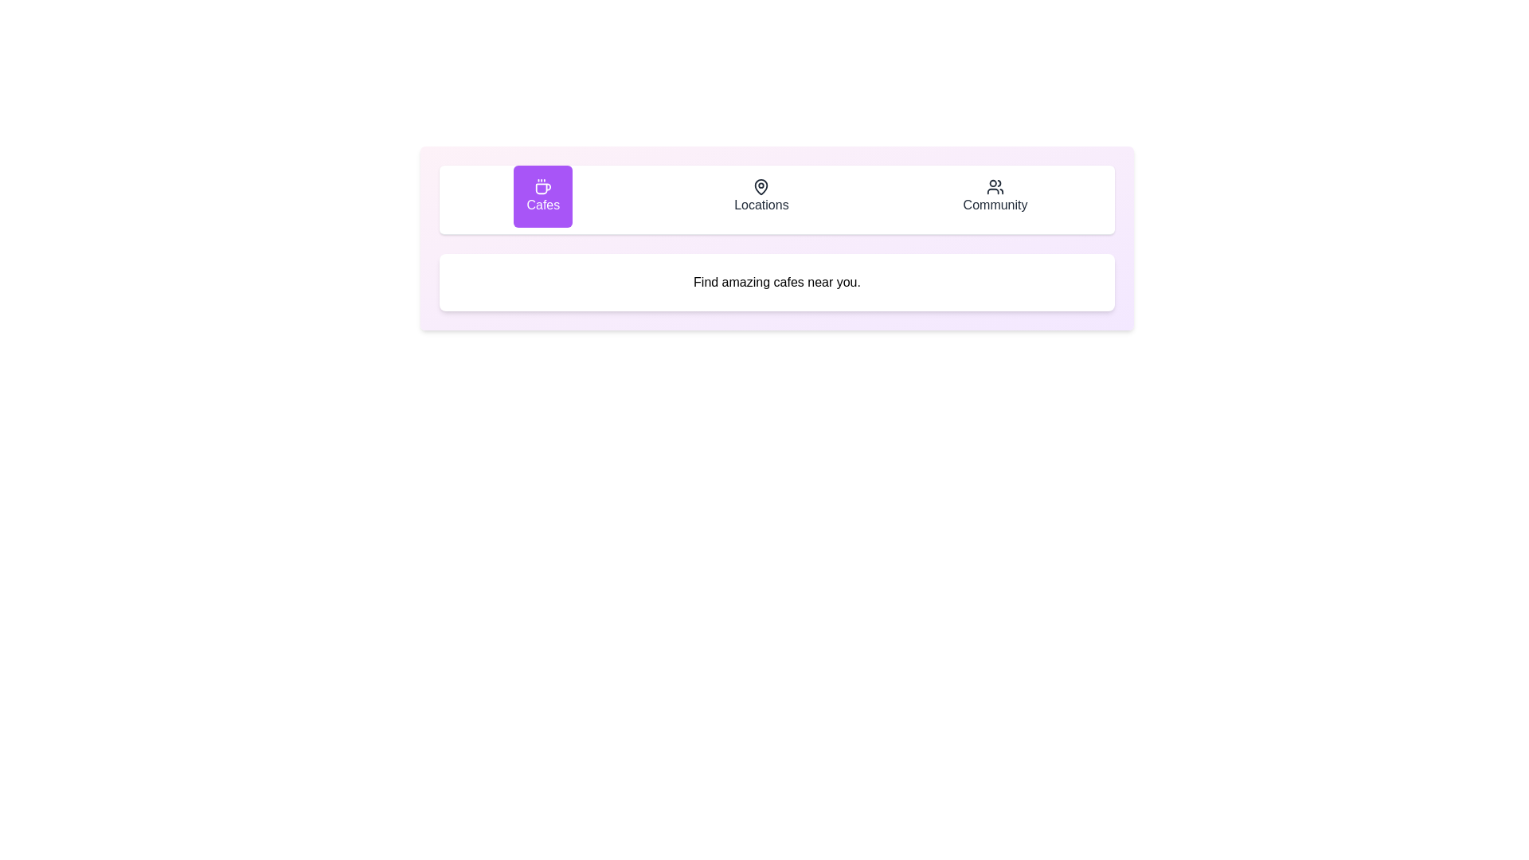 The width and height of the screenshot is (1529, 860). What do you see at coordinates (543, 186) in the screenshot?
I see `the 'Cafes' category icon, which is the first tile in a horizontal selection bar with a purple background` at bounding box center [543, 186].